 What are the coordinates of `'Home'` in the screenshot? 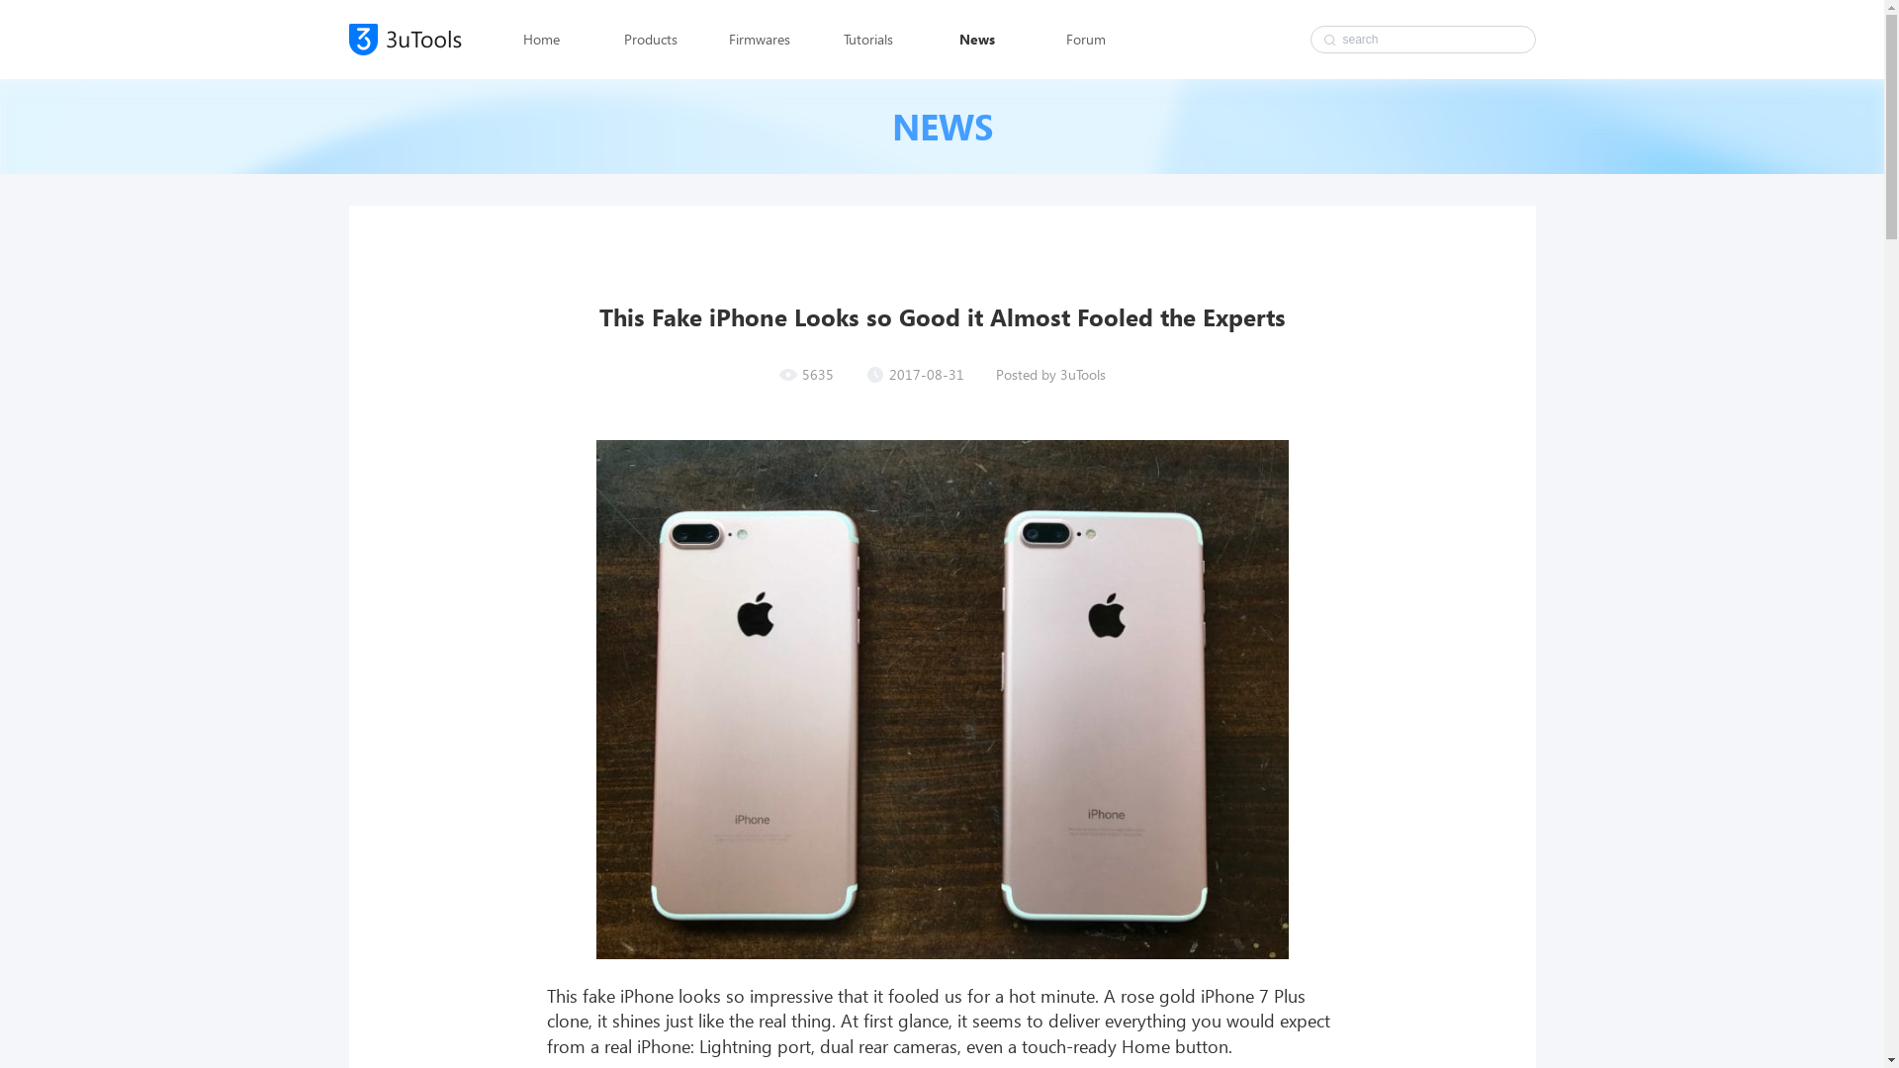 It's located at (541, 39).